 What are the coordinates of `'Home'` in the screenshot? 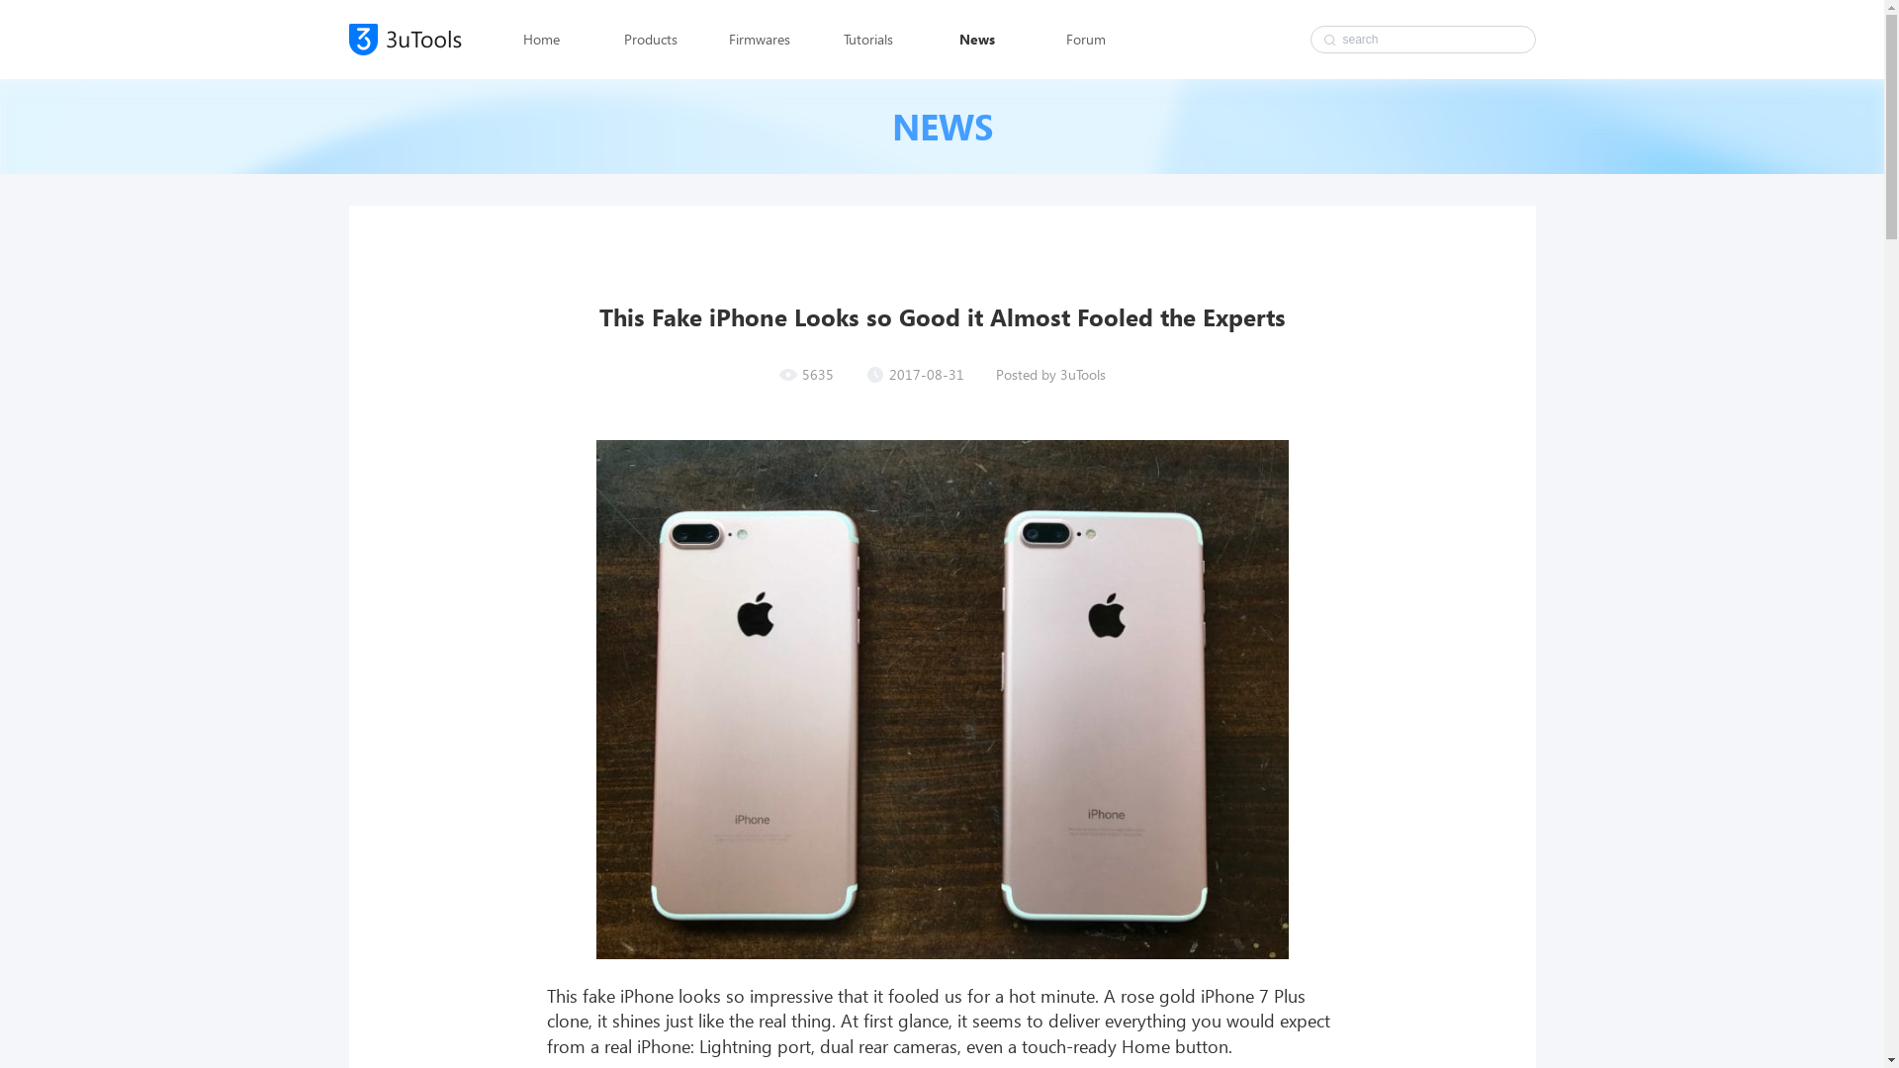 It's located at (541, 39).